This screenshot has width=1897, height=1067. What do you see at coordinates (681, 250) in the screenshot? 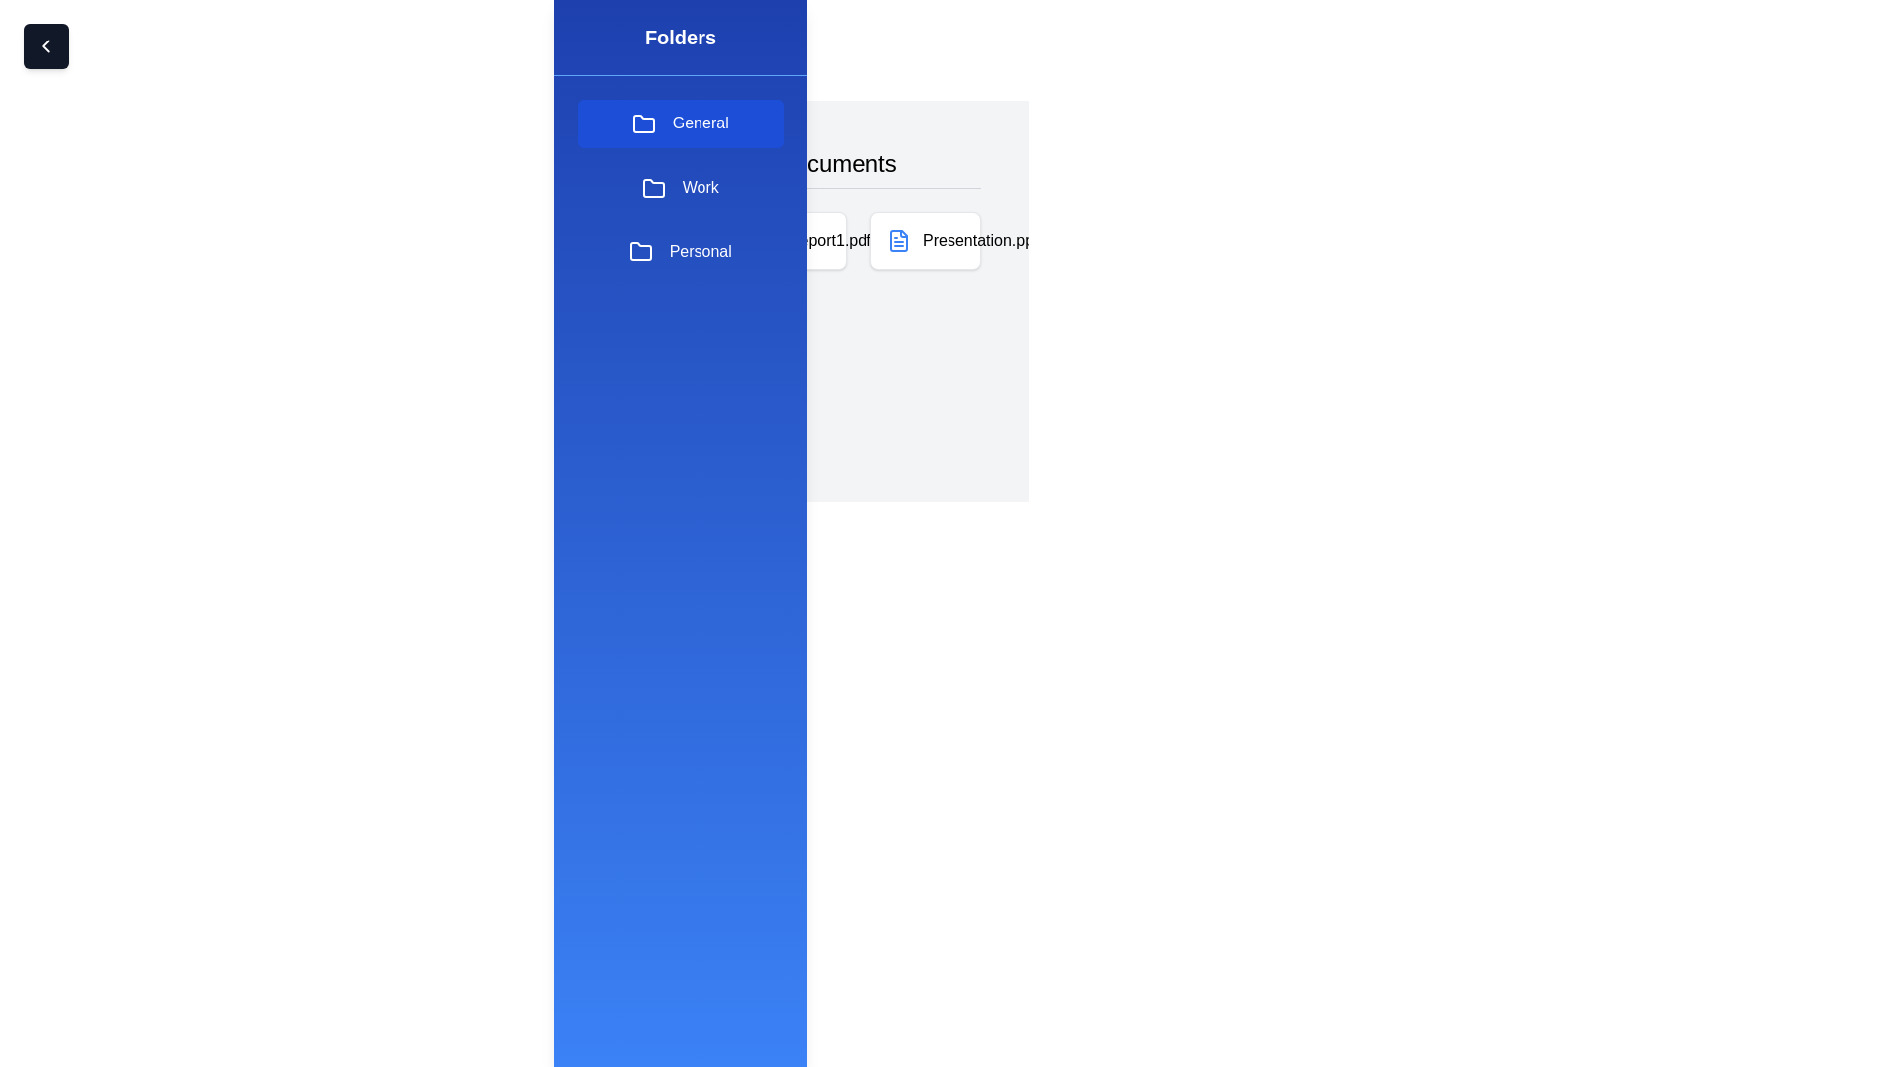
I see `the 'Personal' button styled as a list item with an icon and text in the sidebar menu` at bounding box center [681, 250].